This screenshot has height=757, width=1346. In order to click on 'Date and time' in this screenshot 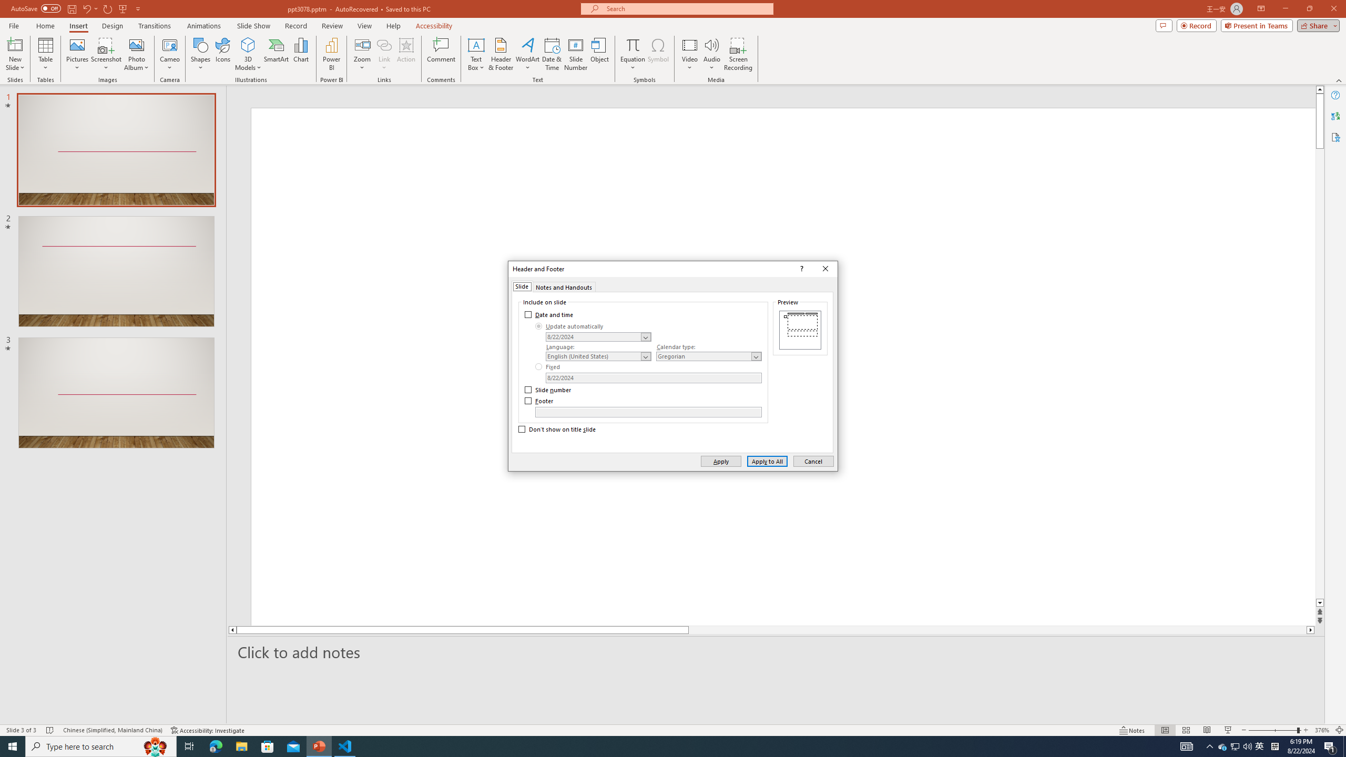, I will do `click(549, 314)`.